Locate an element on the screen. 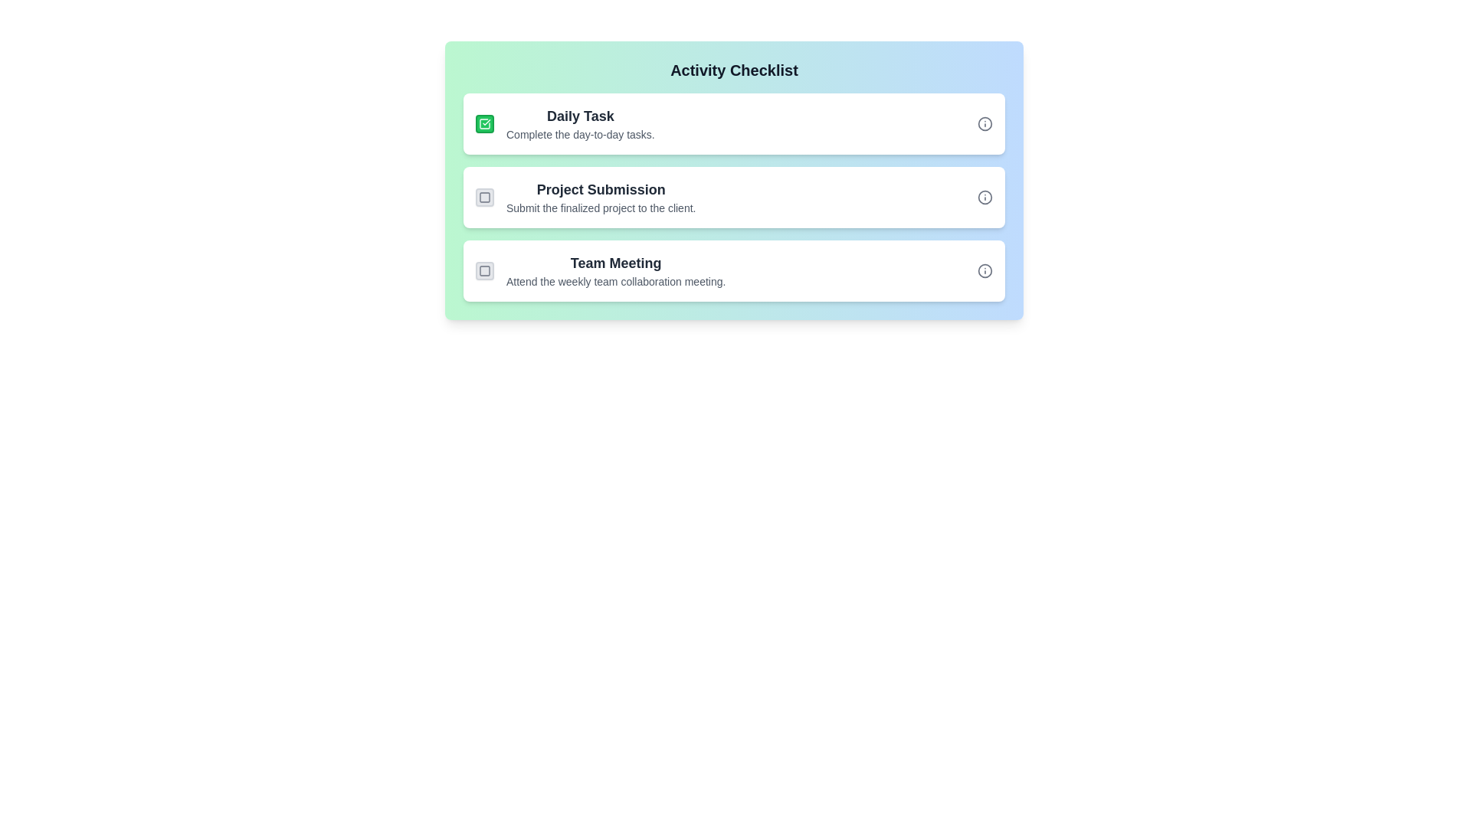  information presented in the descriptive text component that serves as the title and description of a checklist item, located to the right of the green checkbox icon and above subsequent list items is located at coordinates (579, 123).